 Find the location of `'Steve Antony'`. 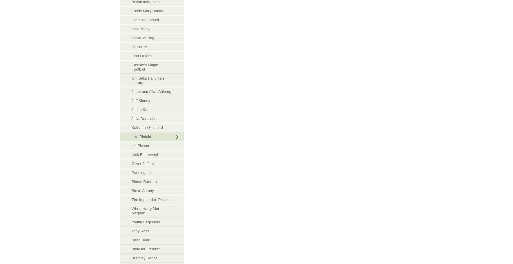

'Steve Antony' is located at coordinates (142, 190).